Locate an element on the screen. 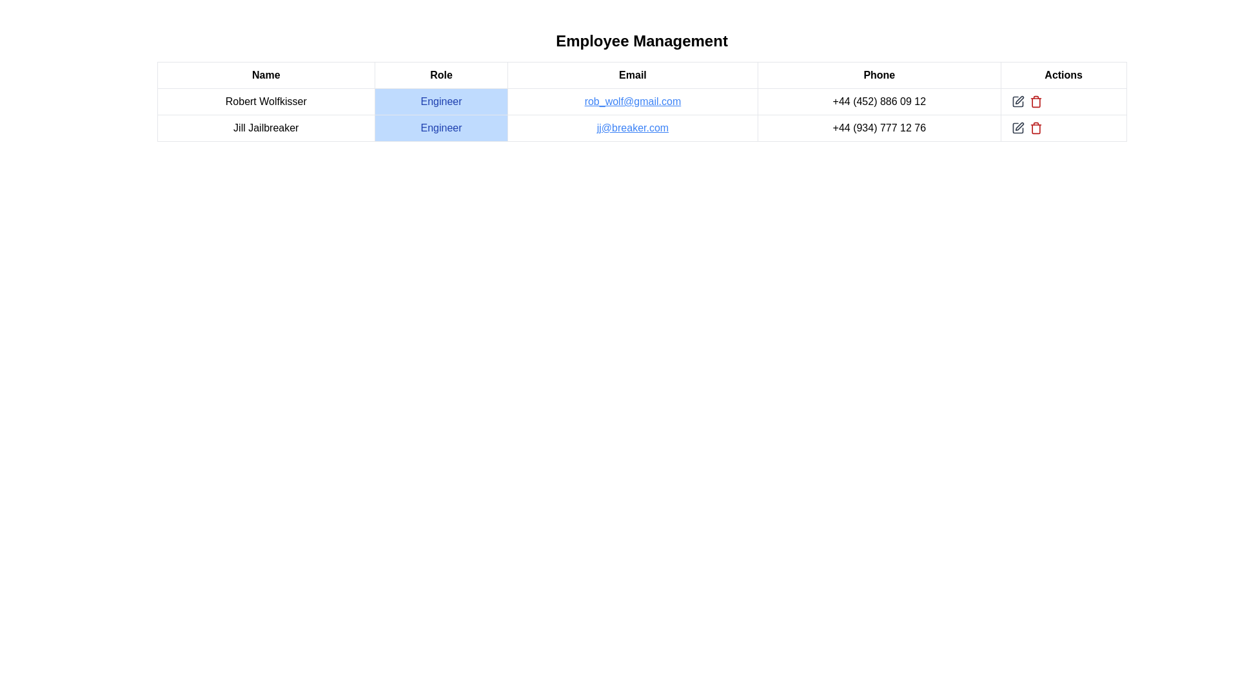 The width and height of the screenshot is (1238, 696). the pen icon located in the 'Actions' column of the second row of the table is located at coordinates (1017, 101).